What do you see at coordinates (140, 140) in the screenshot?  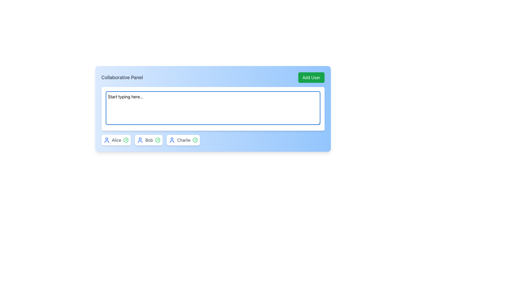 I see `the user icon represented by a blue outline of a circular head and shoulders figure located within a white background, positioned to the left of the text 'Bob'` at bounding box center [140, 140].